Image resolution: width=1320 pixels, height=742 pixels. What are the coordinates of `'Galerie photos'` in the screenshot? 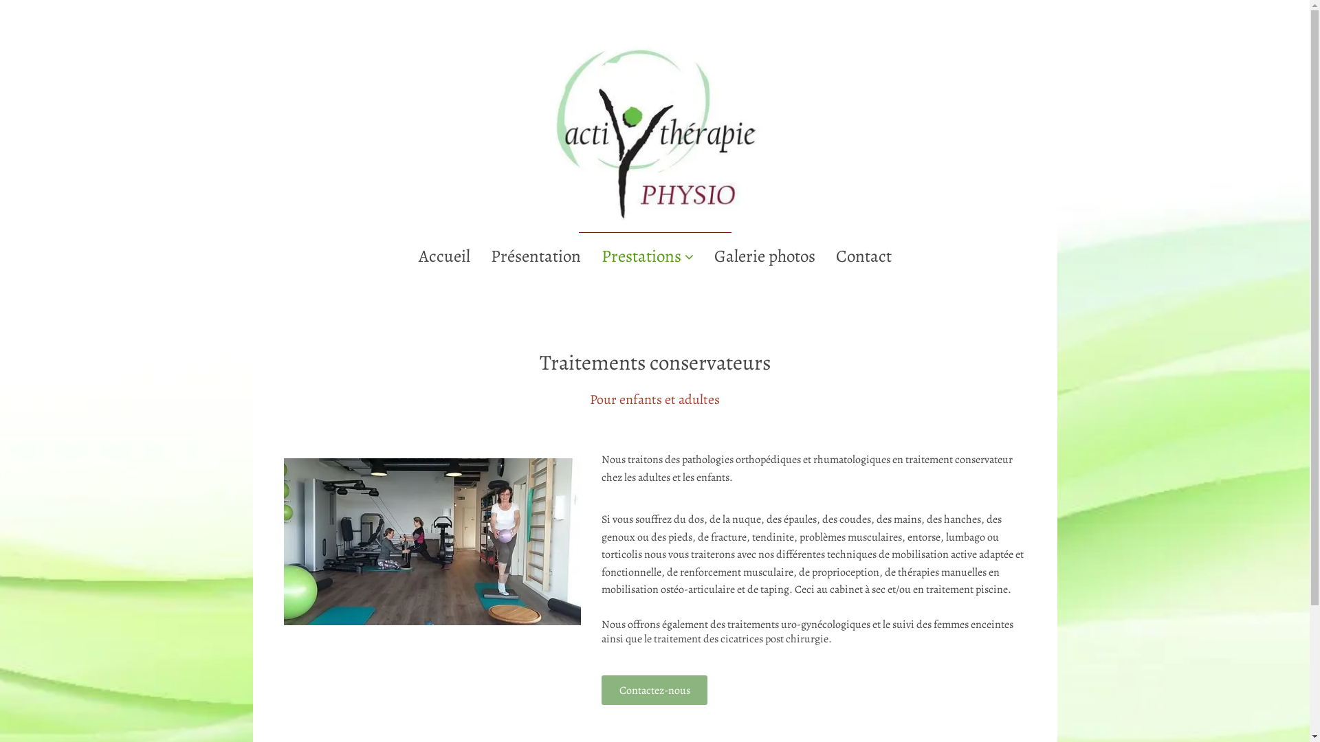 It's located at (763, 256).